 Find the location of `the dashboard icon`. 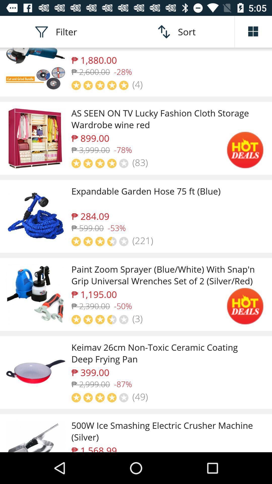

the dashboard icon is located at coordinates (253, 31).